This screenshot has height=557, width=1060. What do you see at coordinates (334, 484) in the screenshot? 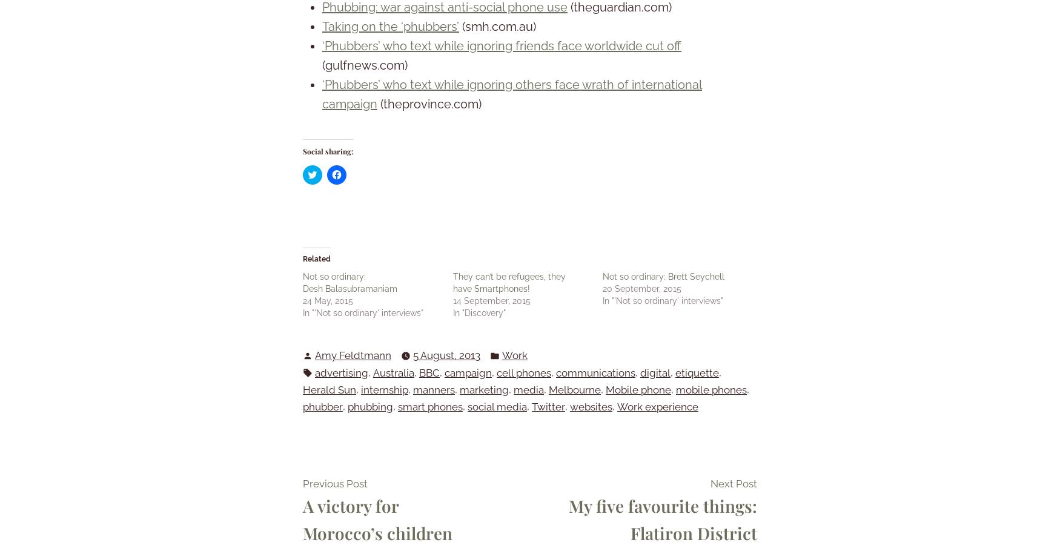
I see `'Previous Post'` at bounding box center [334, 484].